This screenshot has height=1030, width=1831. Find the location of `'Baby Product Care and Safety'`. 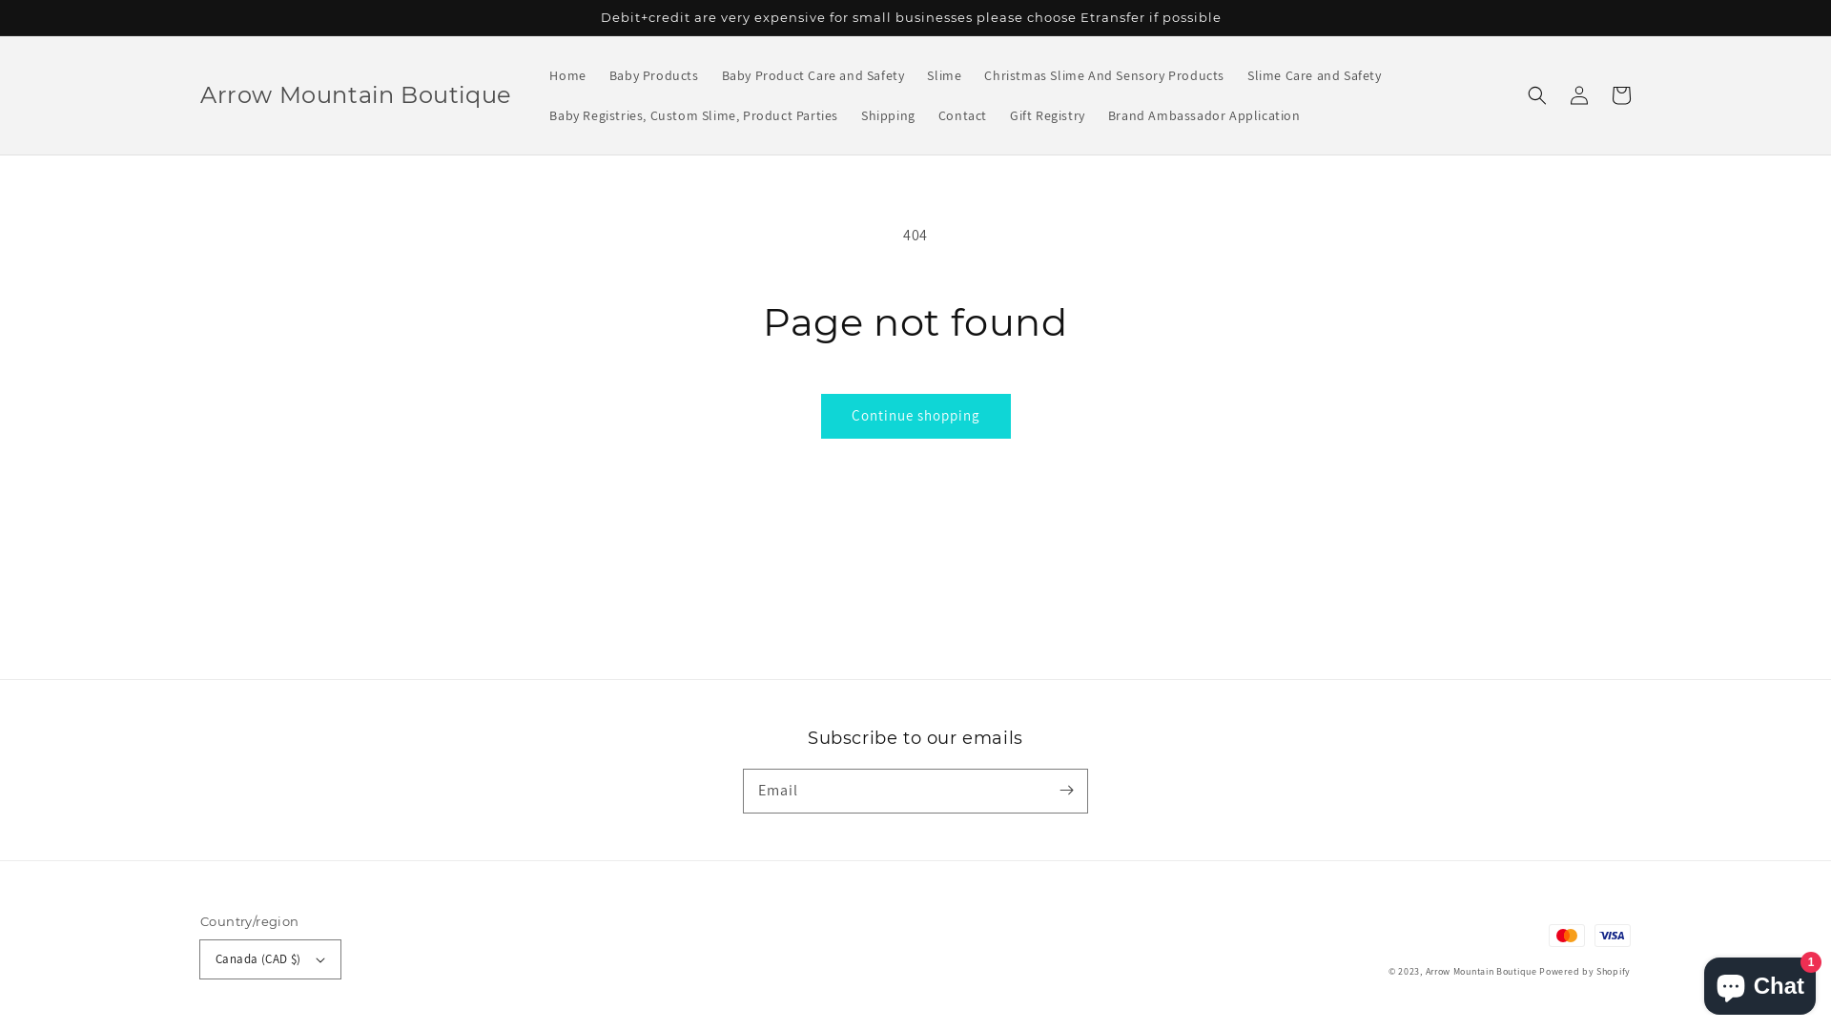

'Baby Product Care and Safety' is located at coordinates (709, 73).